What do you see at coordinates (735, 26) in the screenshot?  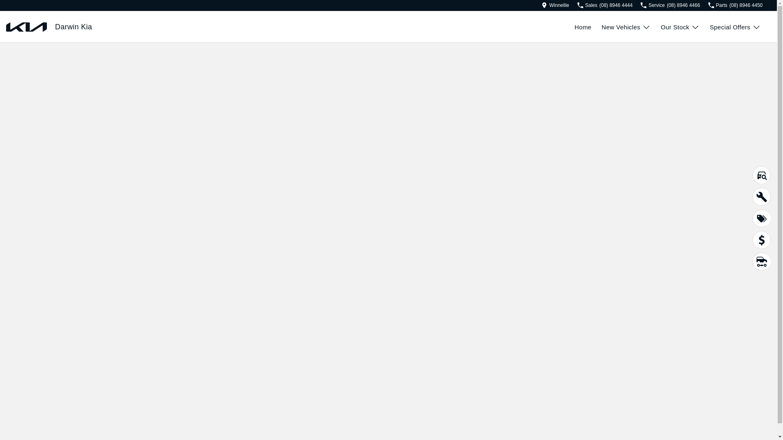 I see `'Special Offers'` at bounding box center [735, 26].